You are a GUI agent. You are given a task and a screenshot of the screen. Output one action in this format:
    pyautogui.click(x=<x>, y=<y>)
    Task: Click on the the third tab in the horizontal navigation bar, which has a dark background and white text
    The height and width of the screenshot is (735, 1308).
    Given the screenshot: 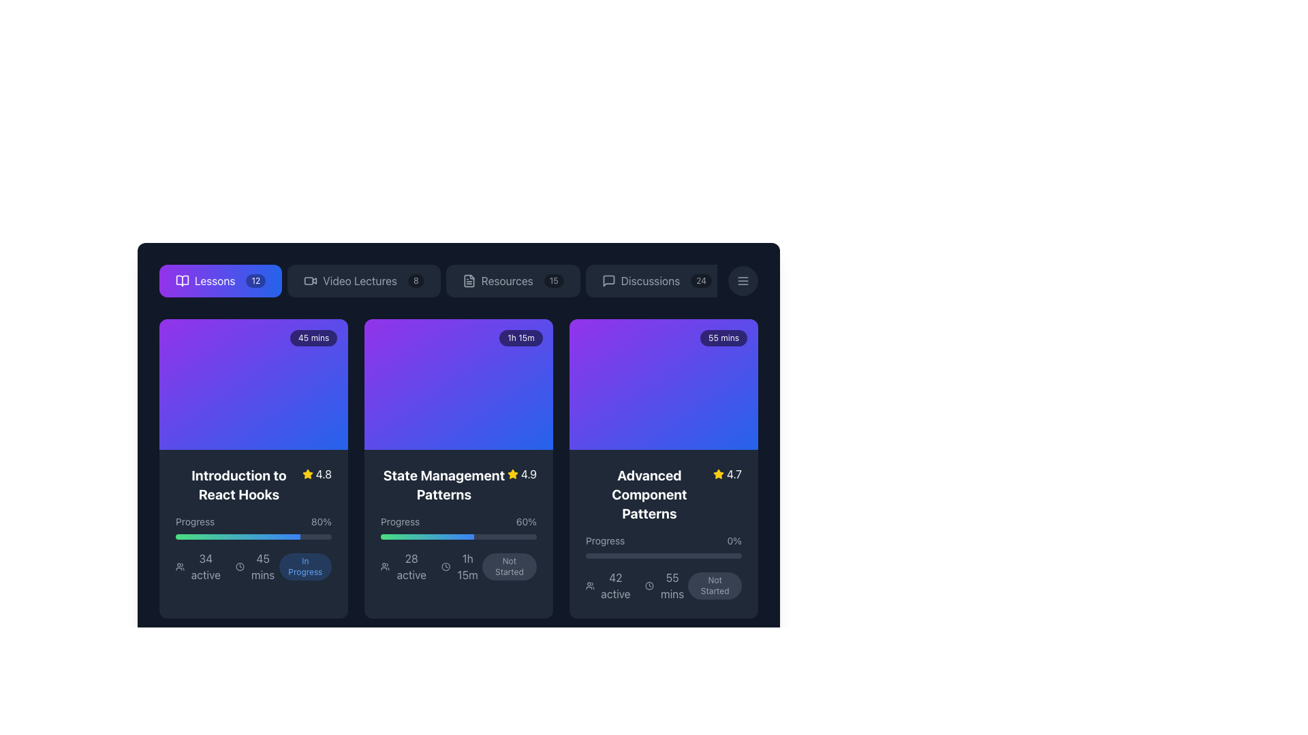 What is the action you would take?
    pyautogui.click(x=458, y=280)
    